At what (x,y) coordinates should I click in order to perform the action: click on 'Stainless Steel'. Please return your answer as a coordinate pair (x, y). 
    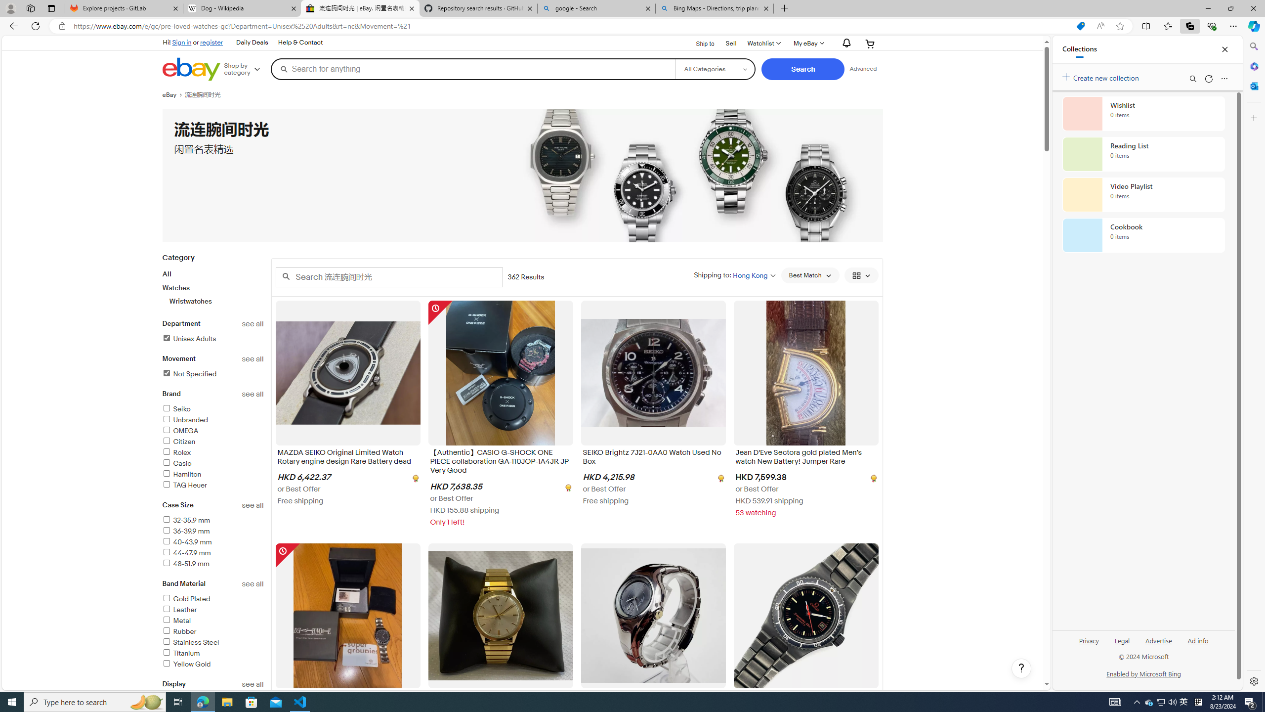
    Looking at the image, I should click on (190, 642).